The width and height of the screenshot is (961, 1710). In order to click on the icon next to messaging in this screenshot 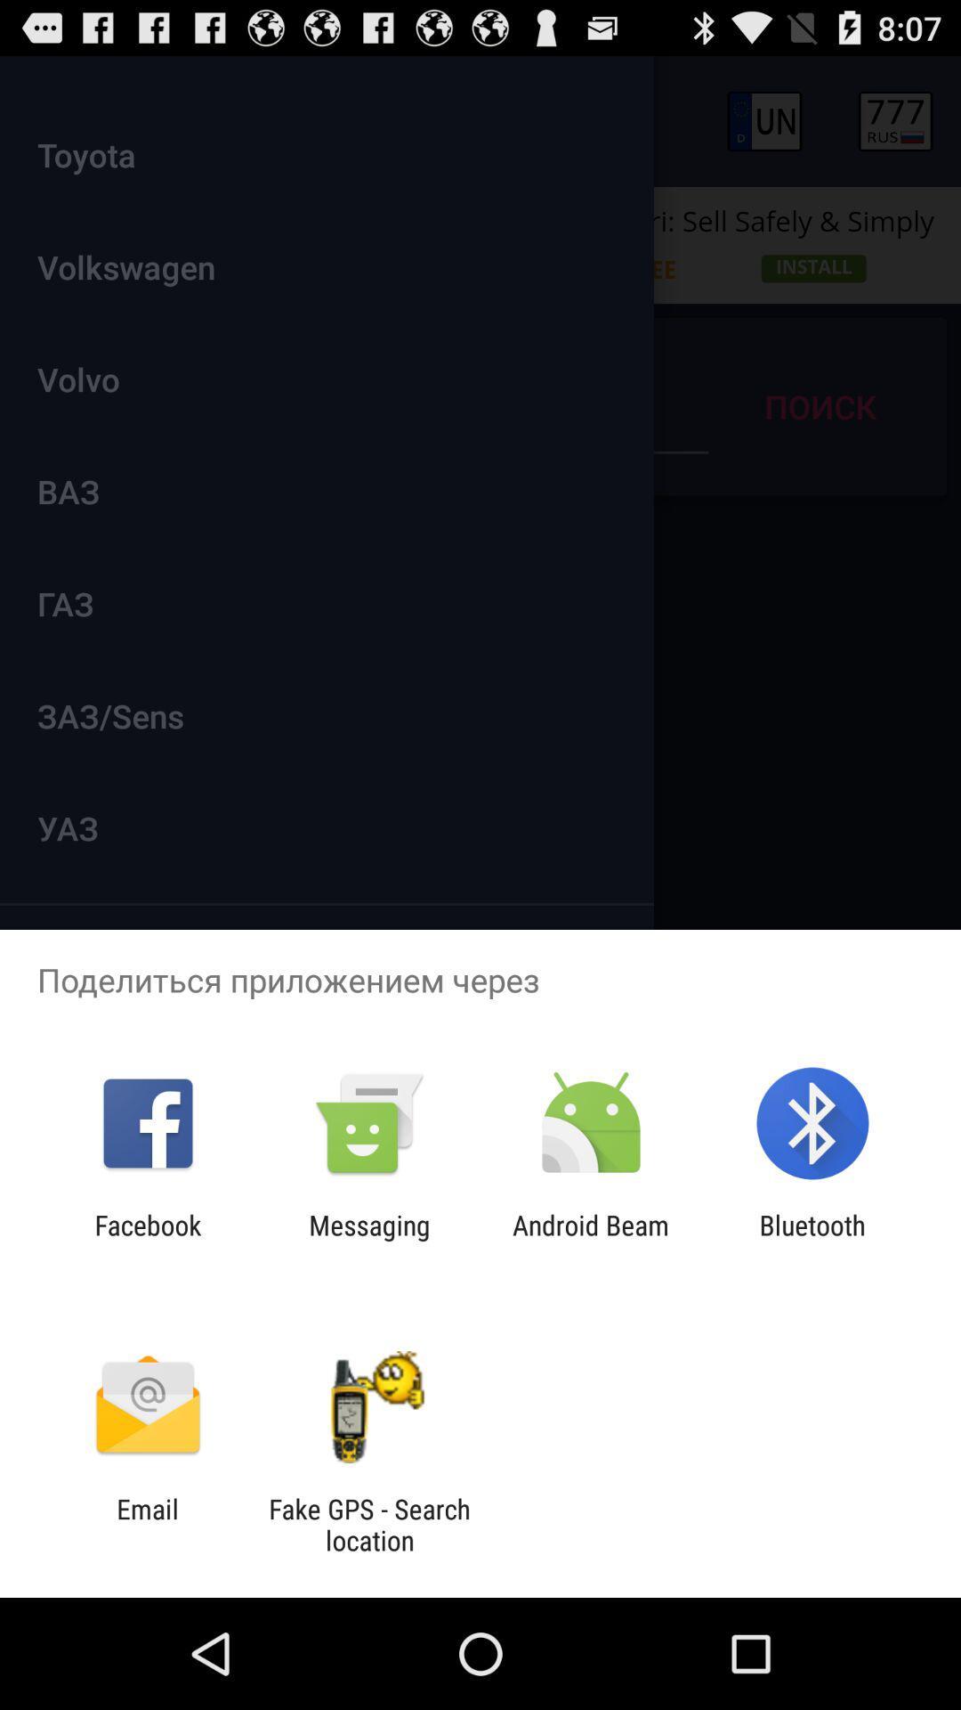, I will do `click(591, 1240)`.